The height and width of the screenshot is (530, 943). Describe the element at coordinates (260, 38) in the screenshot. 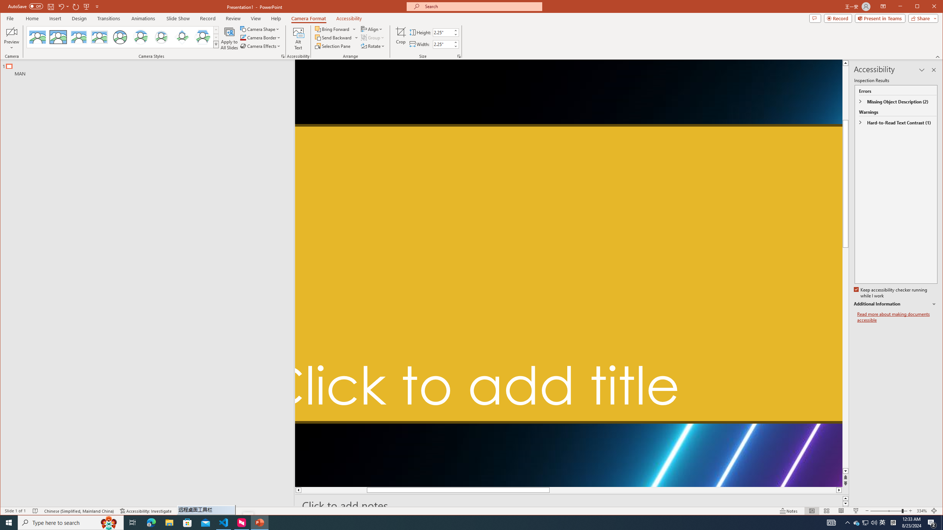

I see `'Camera Border'` at that location.